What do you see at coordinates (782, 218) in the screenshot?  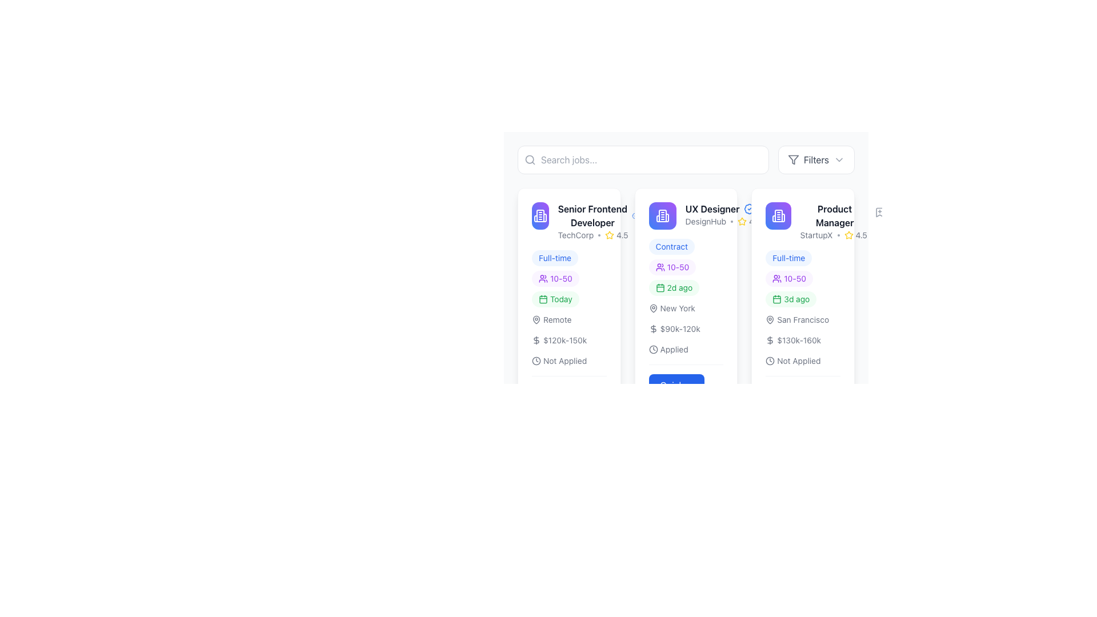 I see `the right extension of the building icon within the SVG graphic that is part of the job posting card for 'Product Manager'` at bounding box center [782, 218].